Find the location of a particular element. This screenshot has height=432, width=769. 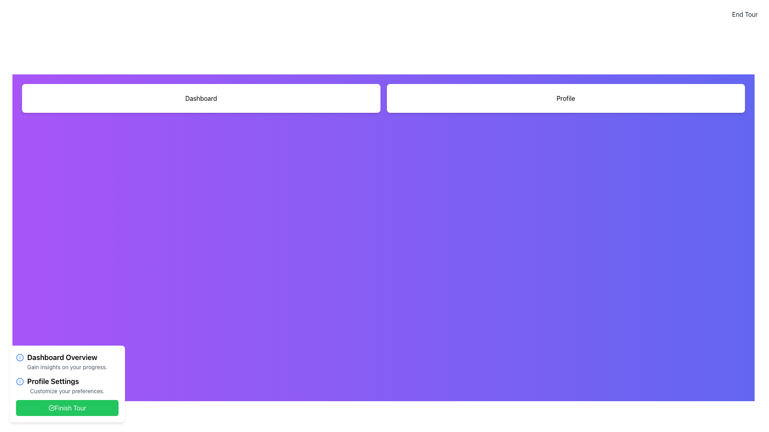

the icon located to the far left of the 'Dashboard Overview' heading, which serves as a visual indicator for displaying additional information is located at coordinates (20, 357).